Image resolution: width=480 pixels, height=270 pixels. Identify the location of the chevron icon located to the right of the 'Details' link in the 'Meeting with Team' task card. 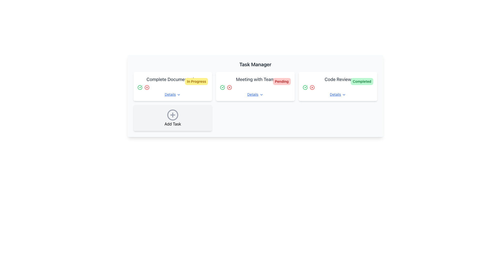
(261, 95).